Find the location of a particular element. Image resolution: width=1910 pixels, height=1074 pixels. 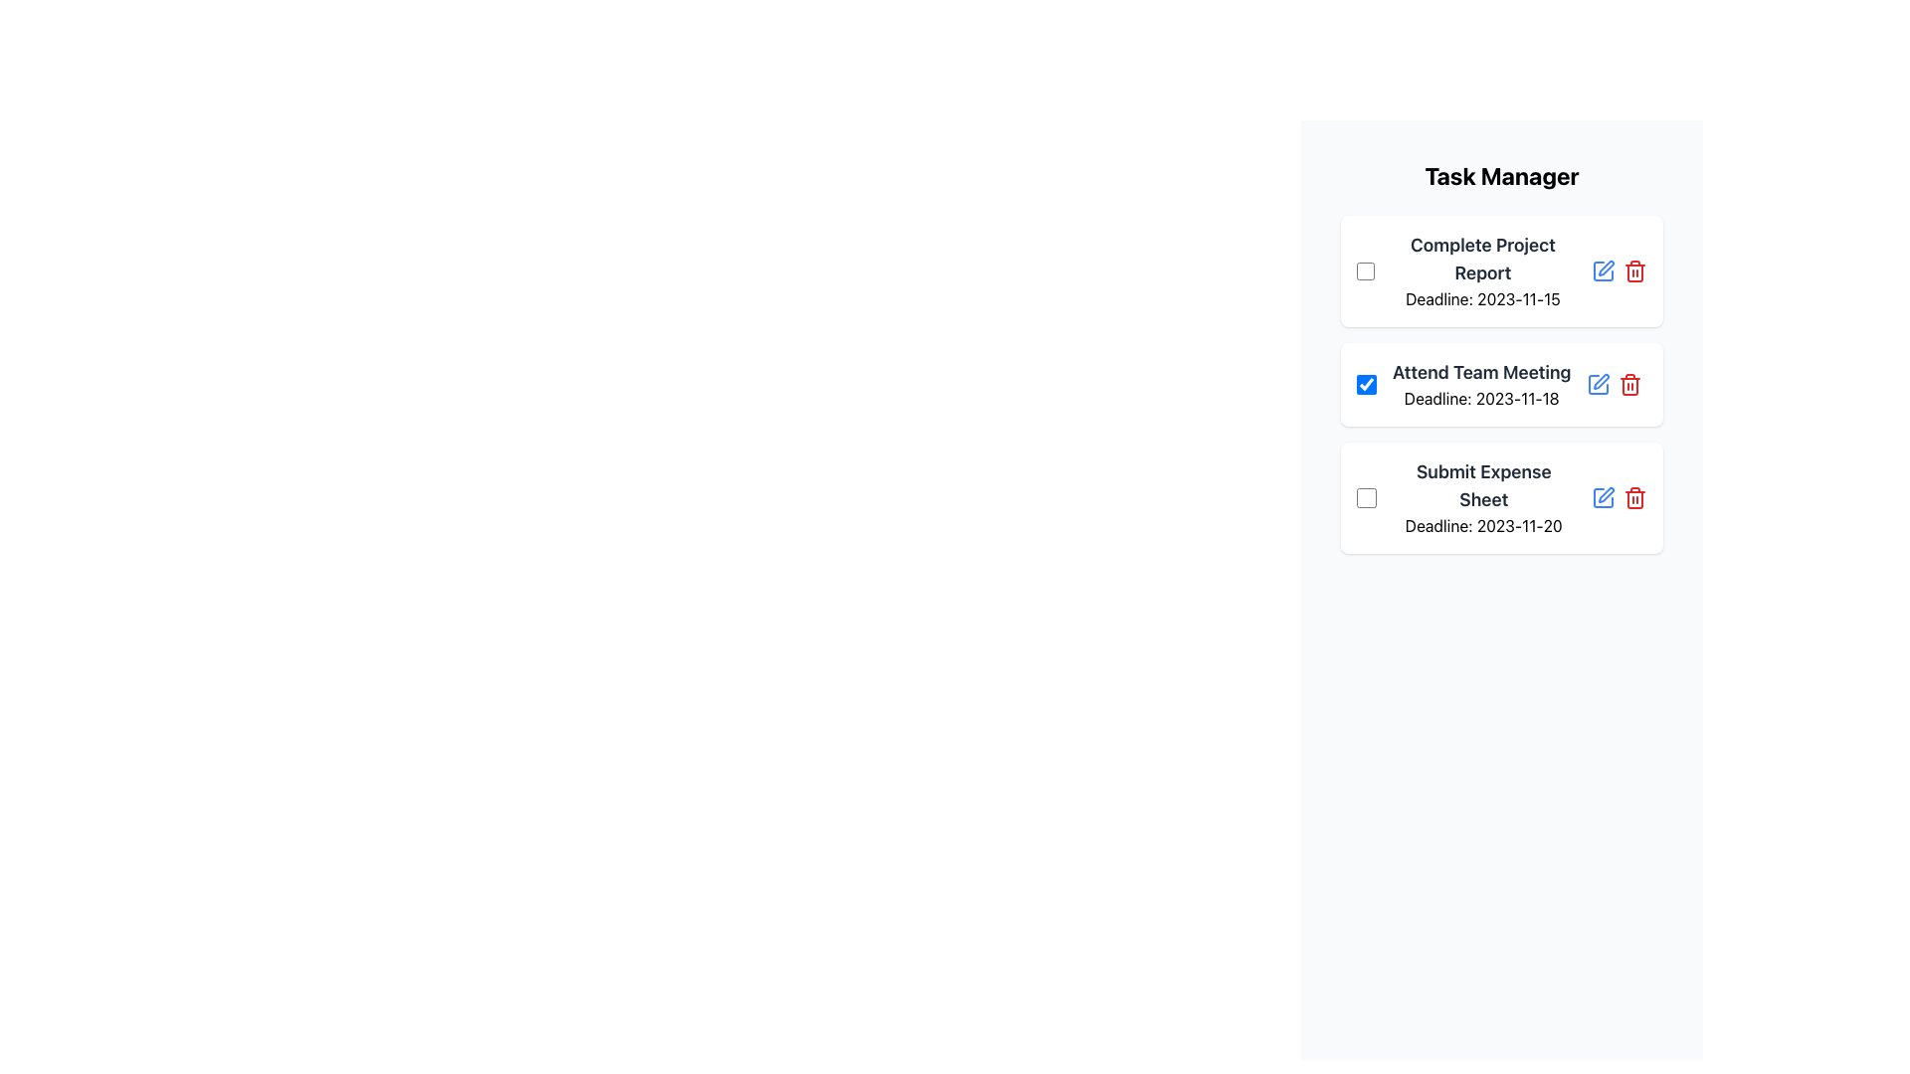

the edit icon in the second task card titled 'Attend Team Meeting' is located at coordinates (1604, 271).